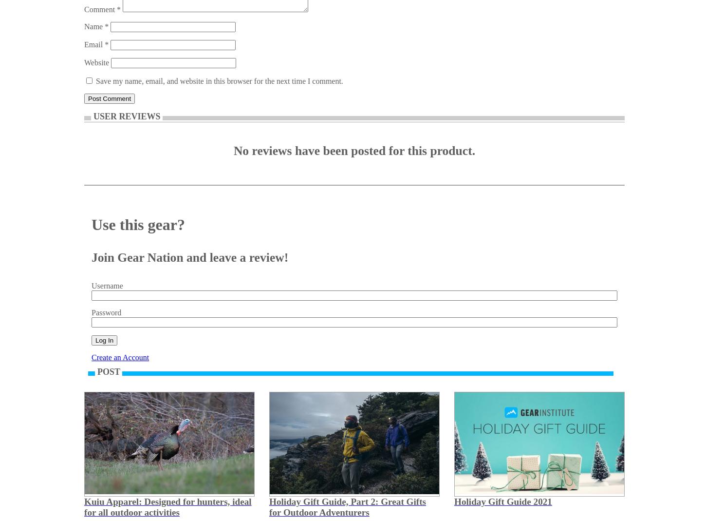  I want to click on 'Name', so click(84, 26).